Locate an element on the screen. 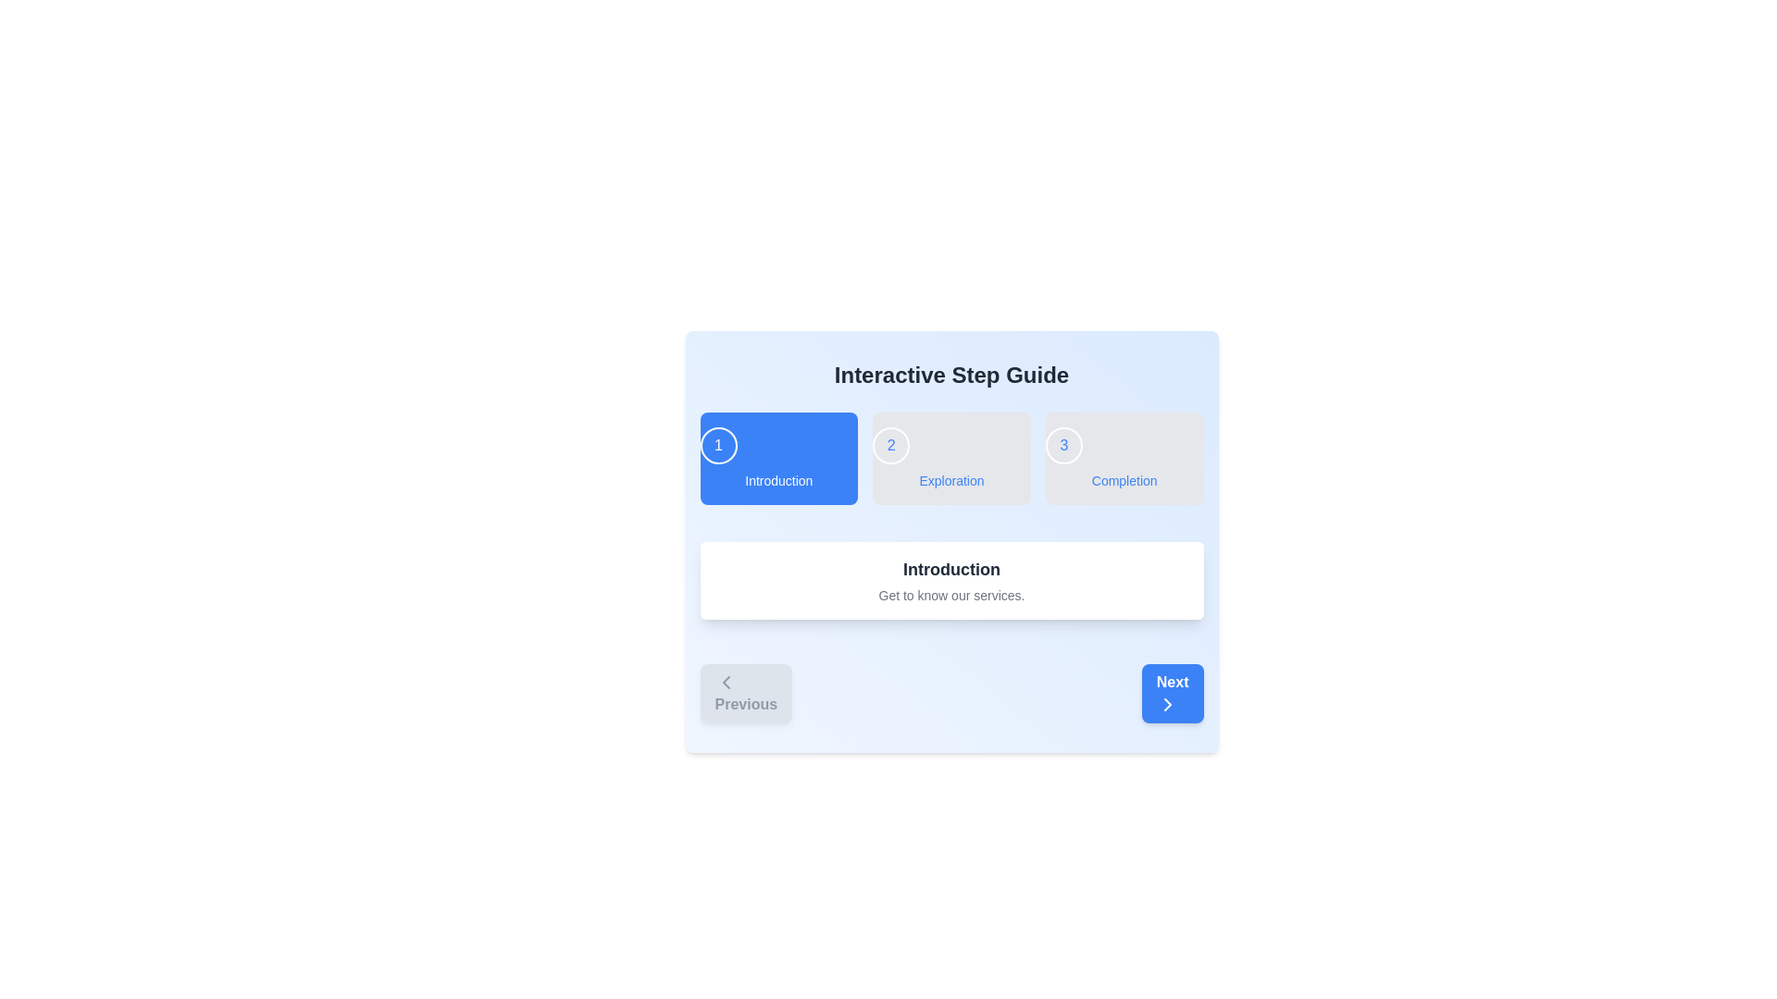 The image size is (1777, 999). the text label that contains the phrase 'Get to know our services.' which is styled with a small font size and gray color, located below the 'Introduction' label is located at coordinates (951, 596).